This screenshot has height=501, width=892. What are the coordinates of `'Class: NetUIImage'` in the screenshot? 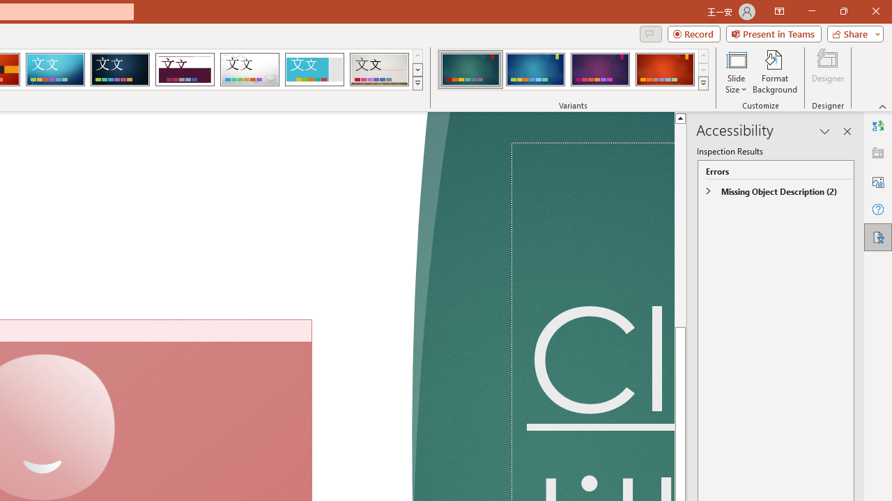 It's located at (703, 83).